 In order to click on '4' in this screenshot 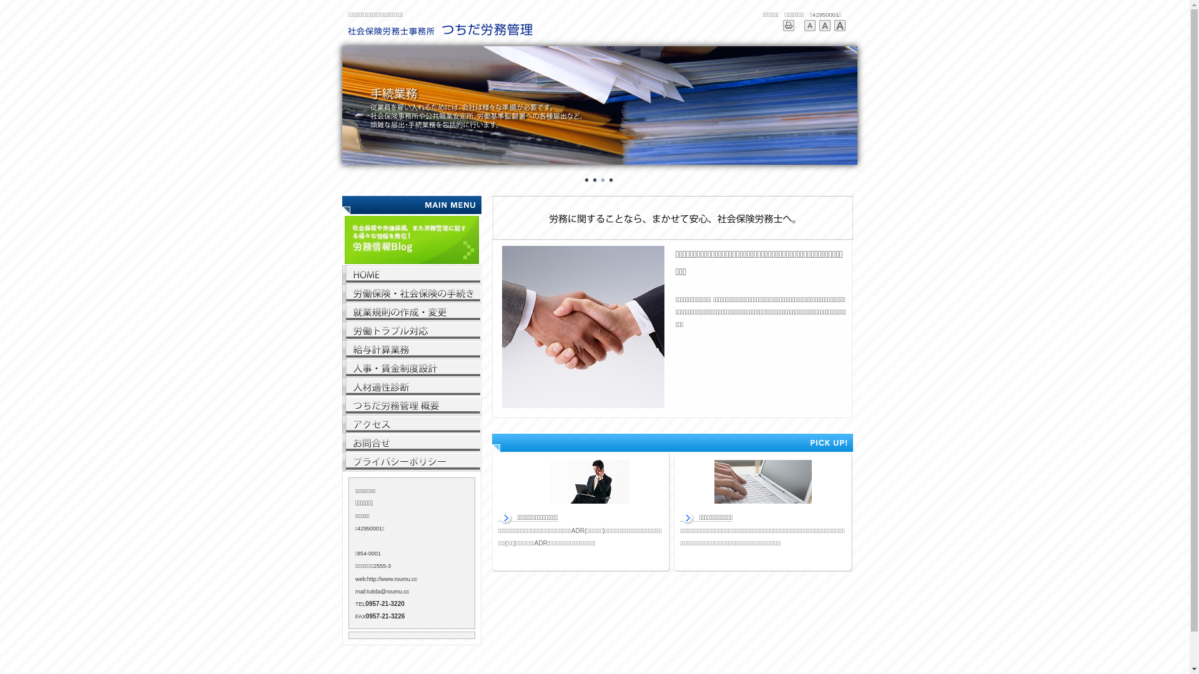, I will do `click(611, 180)`.